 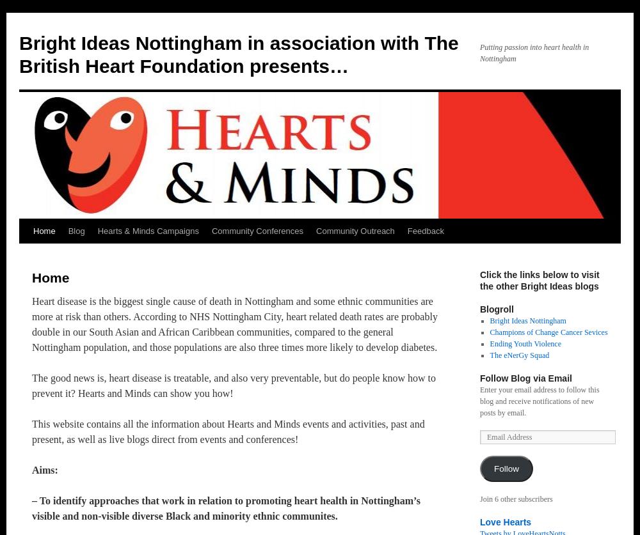 What do you see at coordinates (490, 355) in the screenshot?
I see `'The eNerGy Squad'` at bounding box center [490, 355].